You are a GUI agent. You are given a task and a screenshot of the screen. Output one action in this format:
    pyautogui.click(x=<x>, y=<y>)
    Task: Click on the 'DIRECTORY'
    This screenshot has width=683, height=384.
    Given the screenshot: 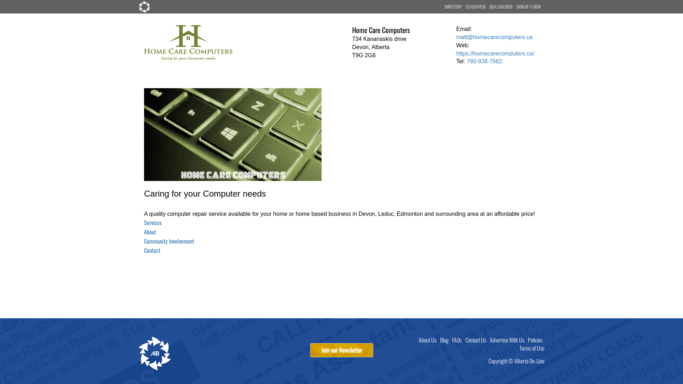 What is the action you would take?
    pyautogui.click(x=453, y=6)
    